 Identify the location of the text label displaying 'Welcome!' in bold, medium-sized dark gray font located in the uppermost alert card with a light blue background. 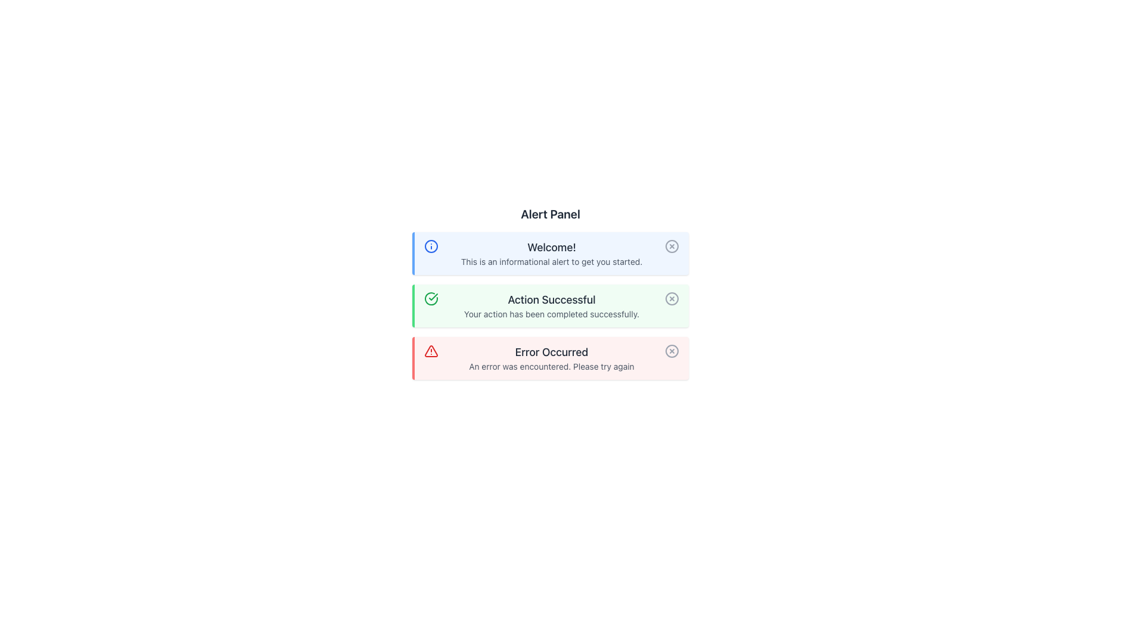
(551, 247).